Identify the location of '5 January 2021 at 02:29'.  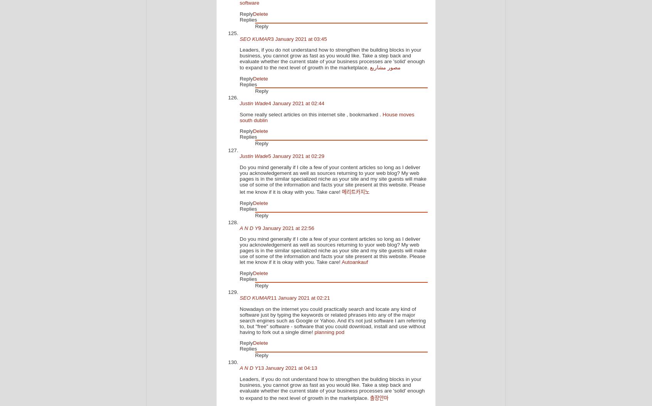
(296, 156).